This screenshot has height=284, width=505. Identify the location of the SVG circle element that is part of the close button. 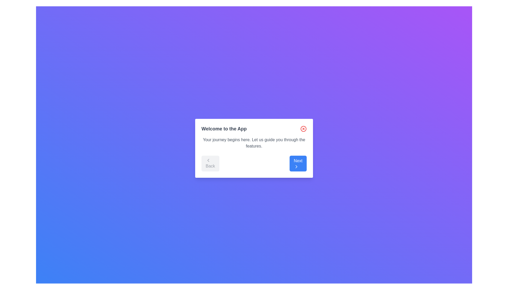
(303, 129).